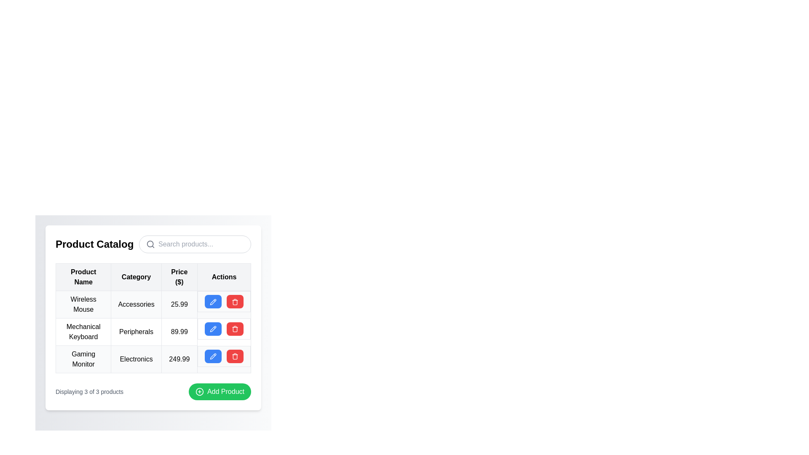 The image size is (809, 455). What do you see at coordinates (179, 331) in the screenshot?
I see `displayed price value of the 'Mechanical Keyboard' product, located in the third column of the table, adjacent to the 'Peripherals' text` at bounding box center [179, 331].